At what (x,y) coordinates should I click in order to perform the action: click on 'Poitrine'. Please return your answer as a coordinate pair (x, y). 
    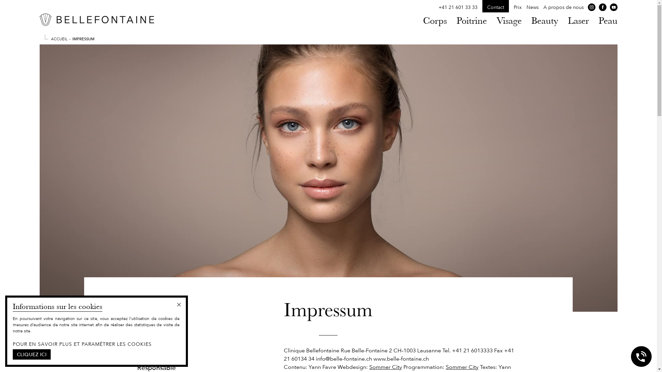
    Looking at the image, I should click on (471, 20).